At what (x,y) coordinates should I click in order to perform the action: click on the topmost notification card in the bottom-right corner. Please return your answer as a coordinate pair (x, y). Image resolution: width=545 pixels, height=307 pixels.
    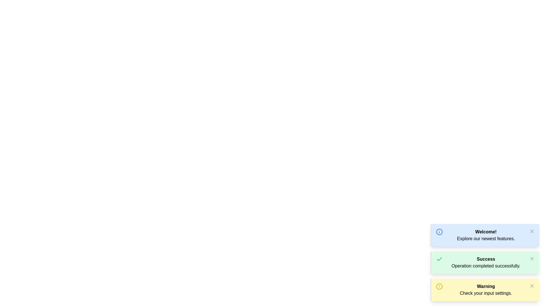
    Looking at the image, I should click on (485, 235).